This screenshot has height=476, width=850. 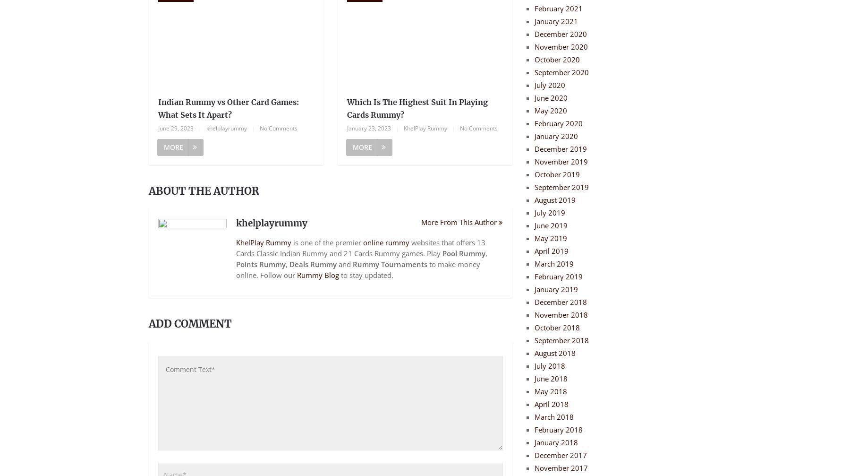 What do you see at coordinates (360, 247) in the screenshot?
I see `'websites that offers 13 Cards Classic Indian Rummy and 21 Cards Rummy games. Play'` at bounding box center [360, 247].